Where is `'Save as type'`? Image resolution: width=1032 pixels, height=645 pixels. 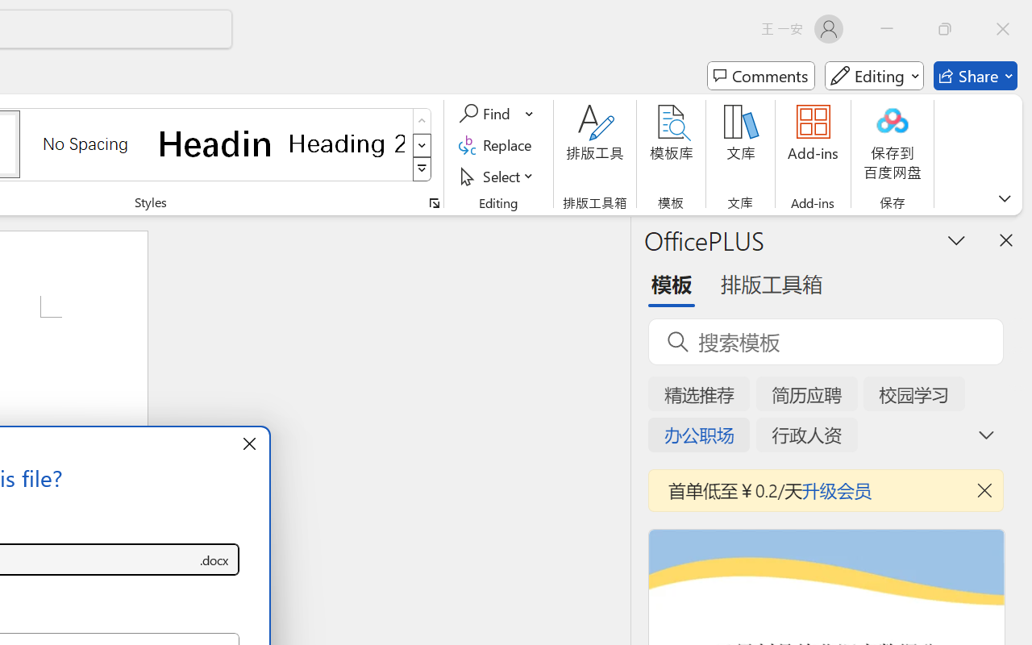
'Save as type' is located at coordinates (213, 560).